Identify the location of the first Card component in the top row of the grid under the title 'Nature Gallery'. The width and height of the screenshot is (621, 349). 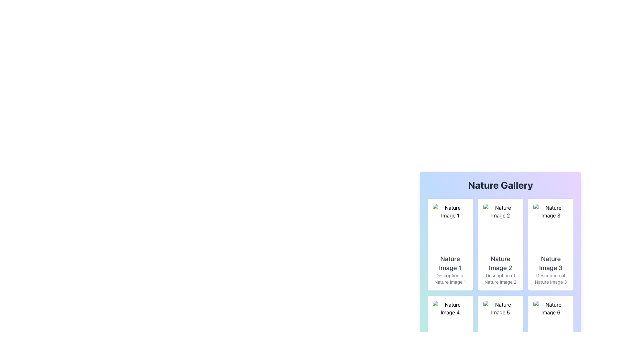
(450, 244).